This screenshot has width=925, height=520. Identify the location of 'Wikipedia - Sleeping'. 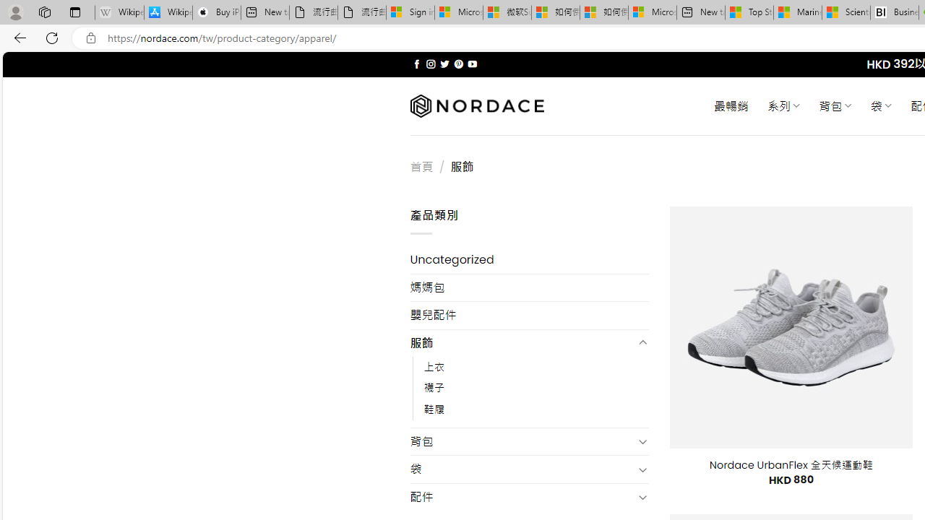
(119, 12).